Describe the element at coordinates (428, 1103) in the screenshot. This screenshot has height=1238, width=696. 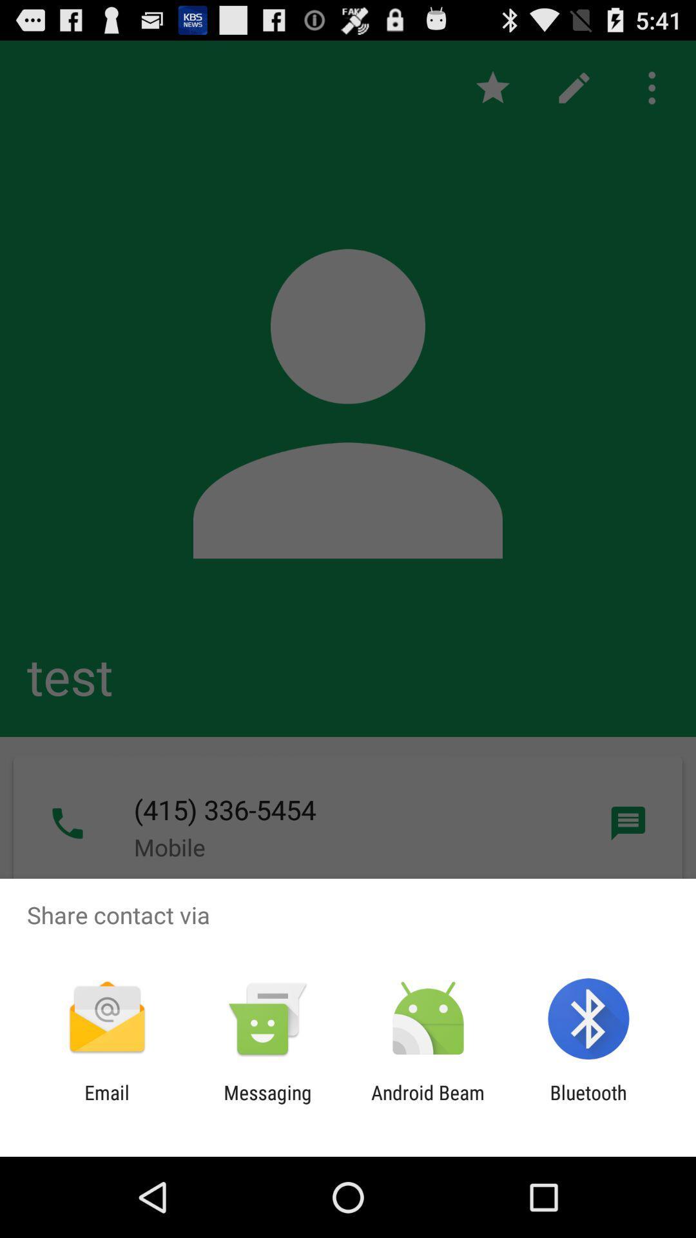
I see `app next to messaging item` at that location.